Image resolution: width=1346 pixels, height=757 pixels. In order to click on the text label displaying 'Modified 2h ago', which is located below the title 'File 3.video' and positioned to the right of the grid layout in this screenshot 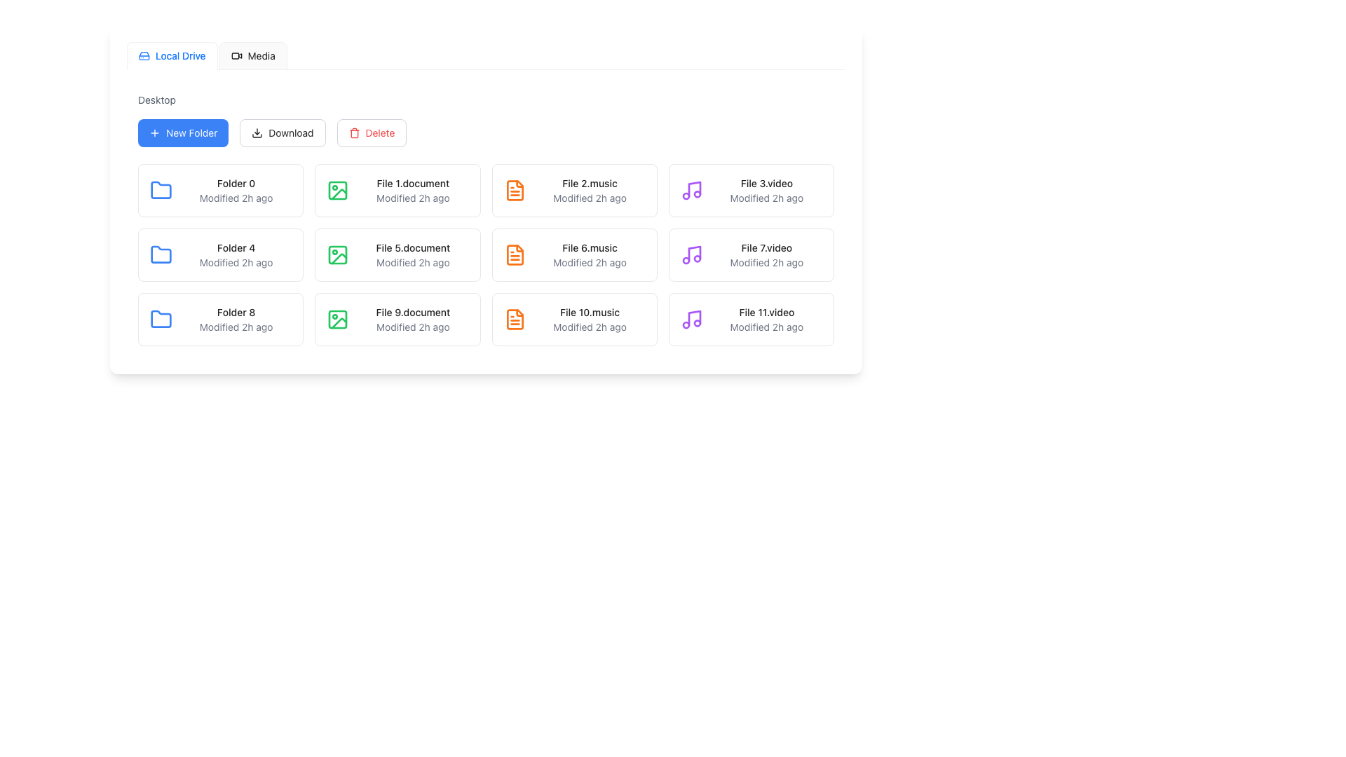, I will do `click(766, 198)`.